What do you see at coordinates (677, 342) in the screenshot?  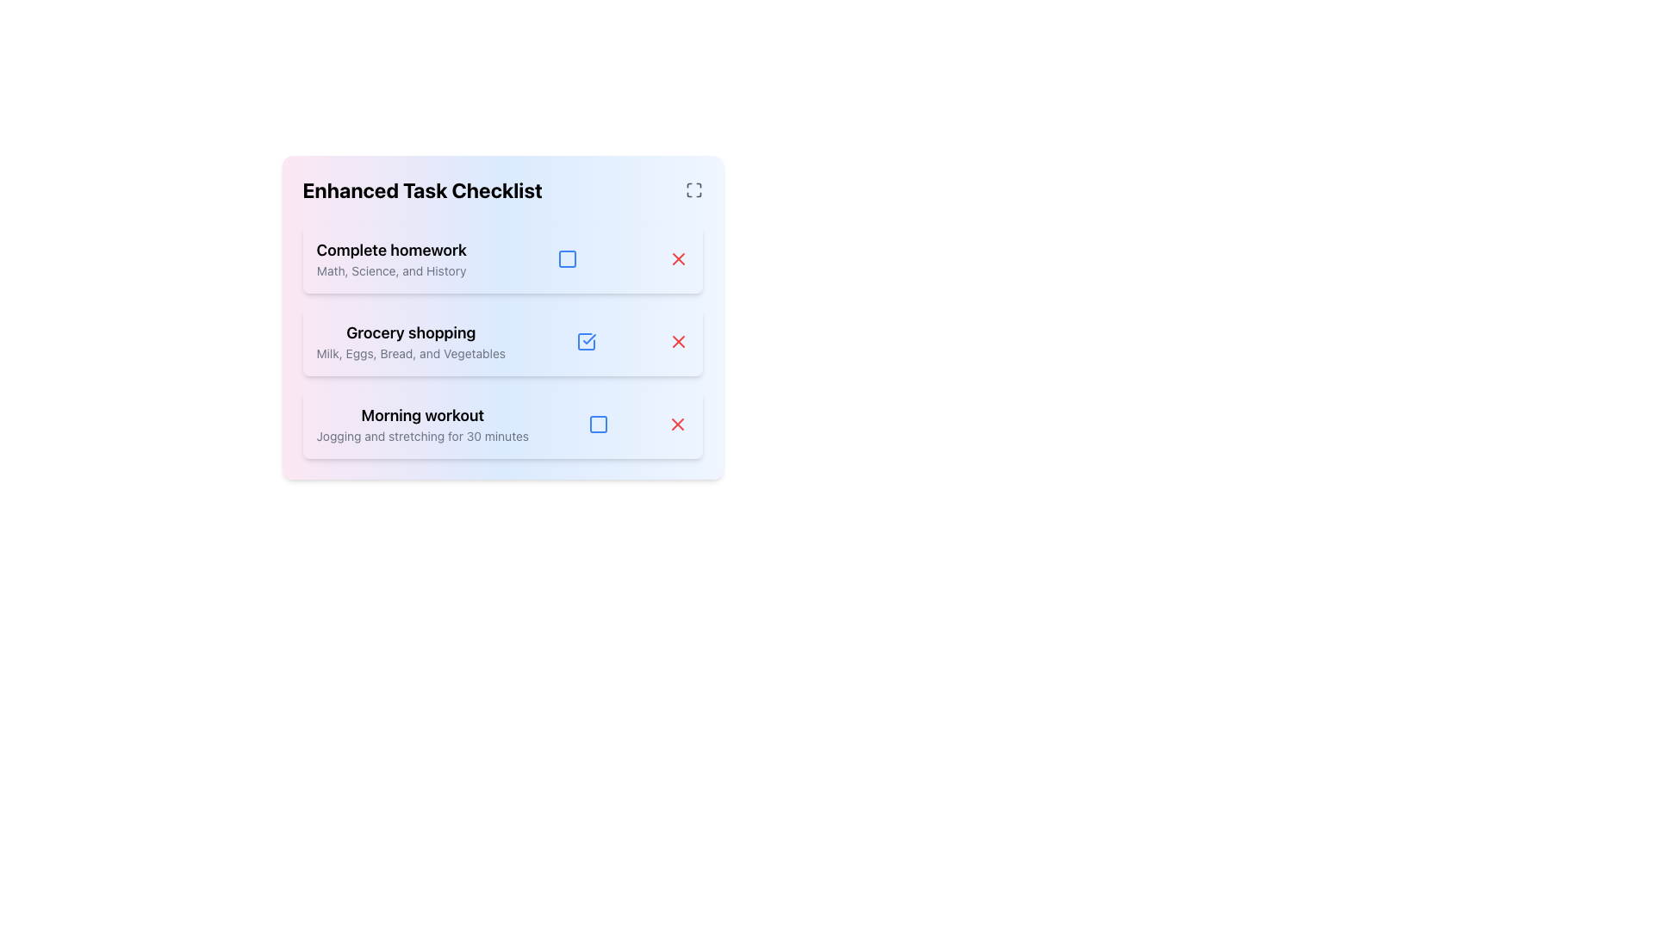 I see `the red cross icon within the checklist interface next to the 'Grocery shopping' item` at bounding box center [677, 342].